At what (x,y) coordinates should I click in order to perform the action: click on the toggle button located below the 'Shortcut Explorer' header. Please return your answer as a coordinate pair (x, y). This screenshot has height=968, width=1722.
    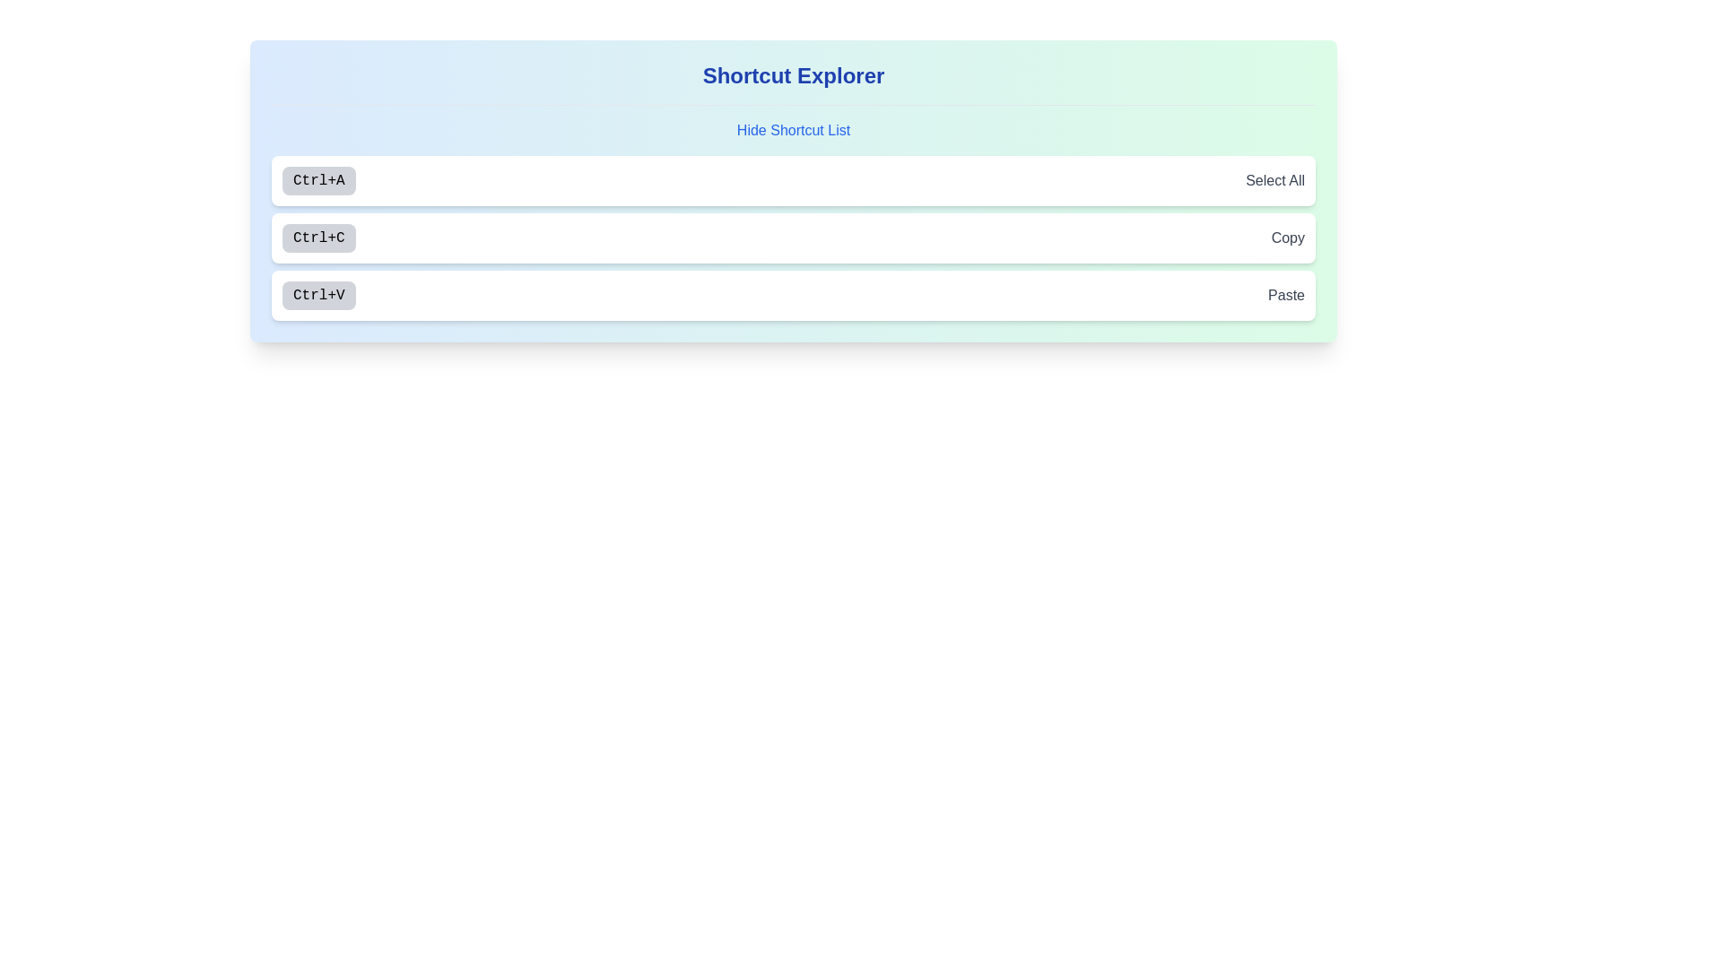
    Looking at the image, I should click on (792, 130).